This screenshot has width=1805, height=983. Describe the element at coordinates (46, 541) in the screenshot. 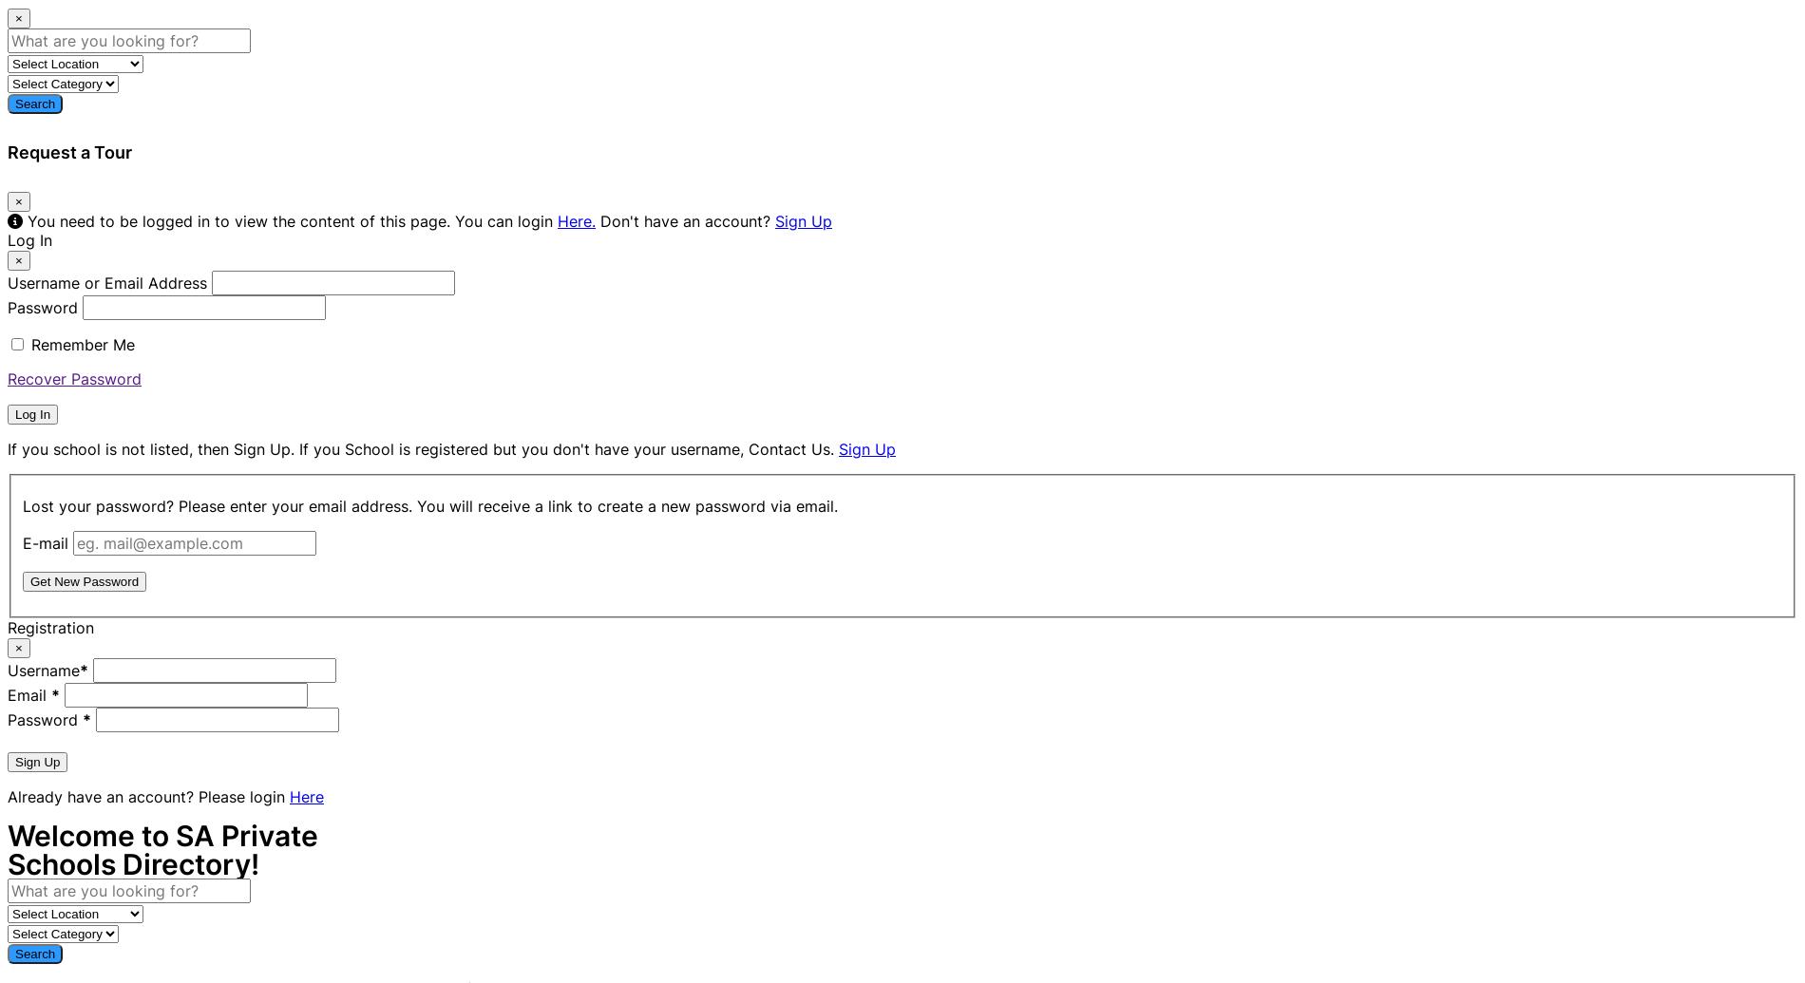

I see `'E-mail'` at that location.